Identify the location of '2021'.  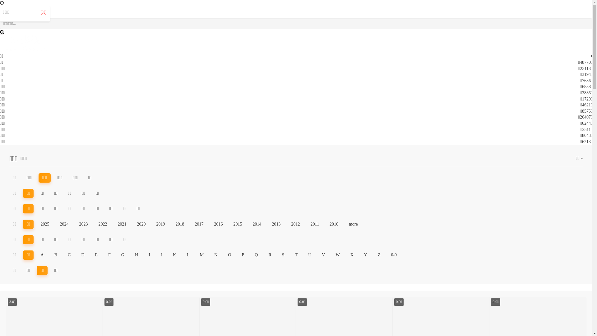
(122, 224).